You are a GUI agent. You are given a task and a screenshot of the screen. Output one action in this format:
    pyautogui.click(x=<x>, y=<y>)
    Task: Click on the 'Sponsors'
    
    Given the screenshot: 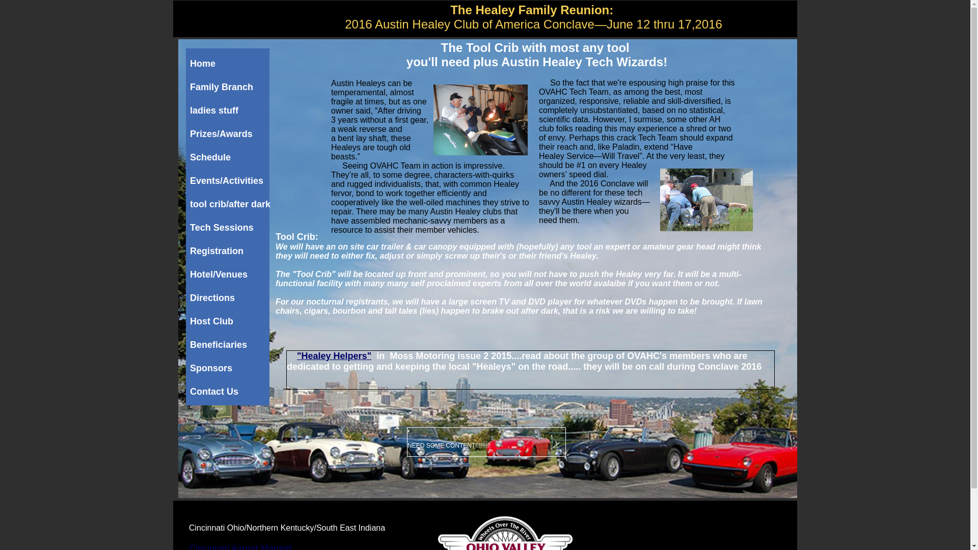 What is the action you would take?
    pyautogui.click(x=229, y=369)
    